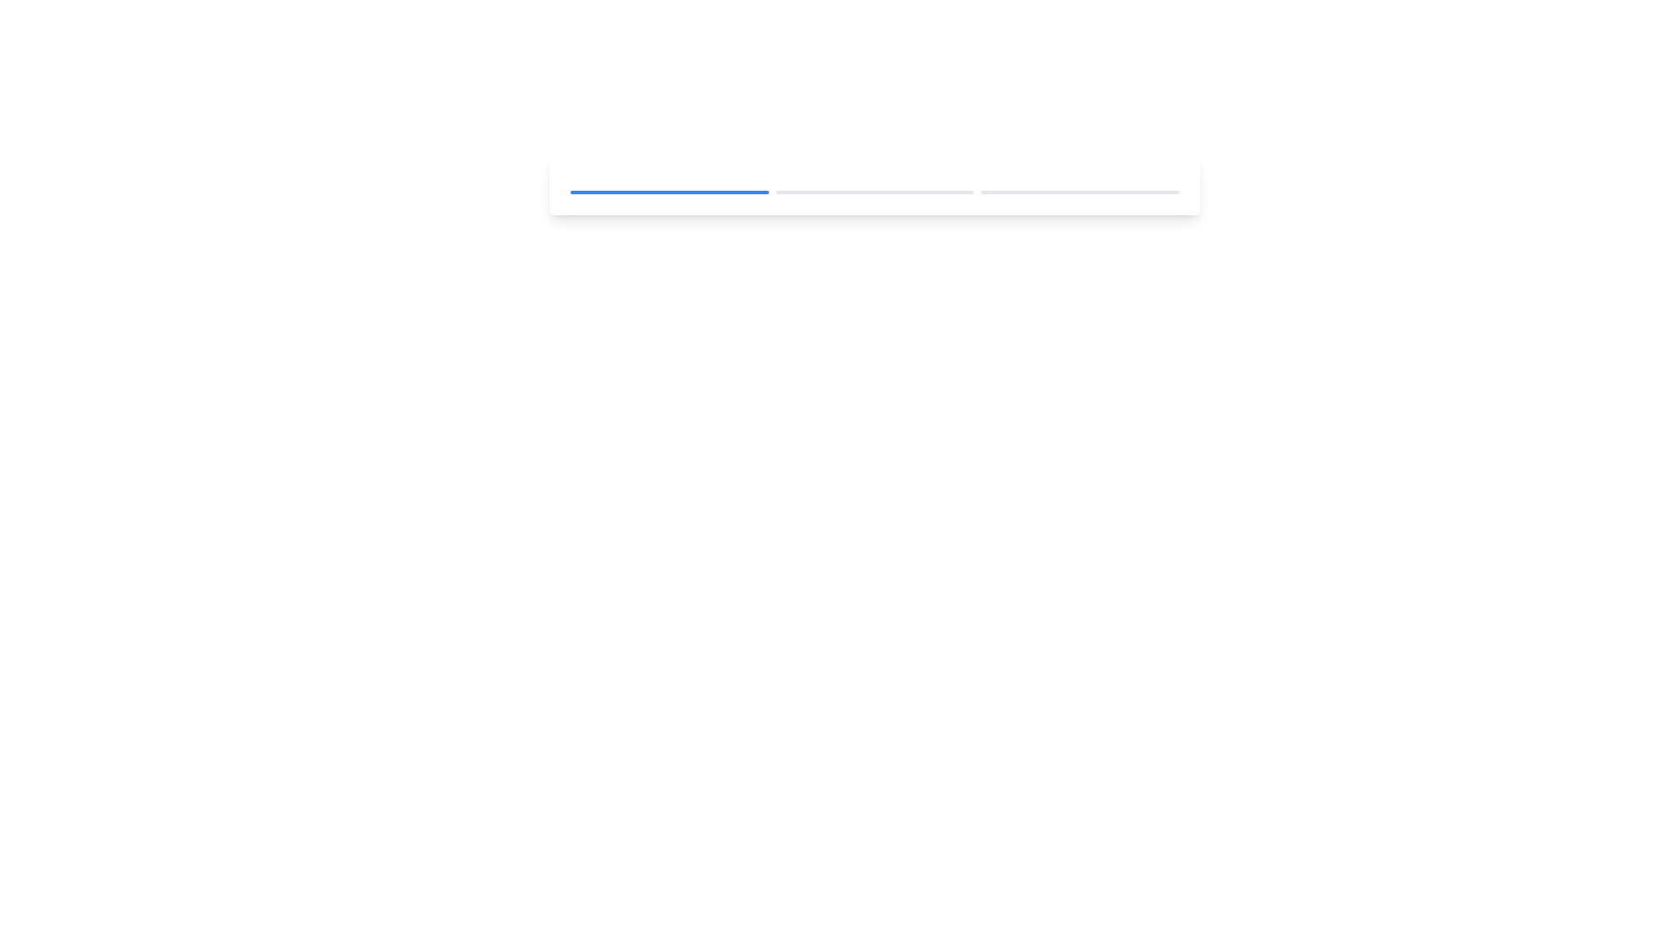 Image resolution: width=1680 pixels, height=945 pixels. I want to click on the slider, so click(955, 192).